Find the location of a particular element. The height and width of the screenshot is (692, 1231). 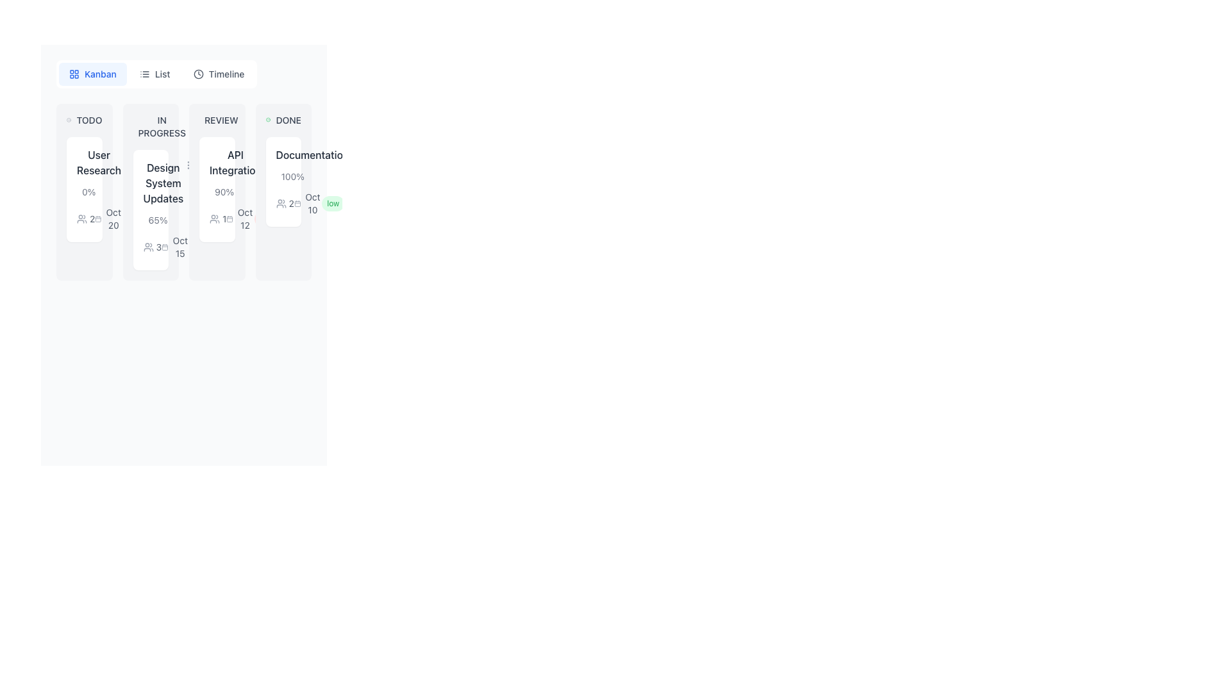

the user-related information icon located within the 'API Integration' card under the 'Review' column in the Kanban board, positioned on the left side next to the number '2' is located at coordinates (217, 218).